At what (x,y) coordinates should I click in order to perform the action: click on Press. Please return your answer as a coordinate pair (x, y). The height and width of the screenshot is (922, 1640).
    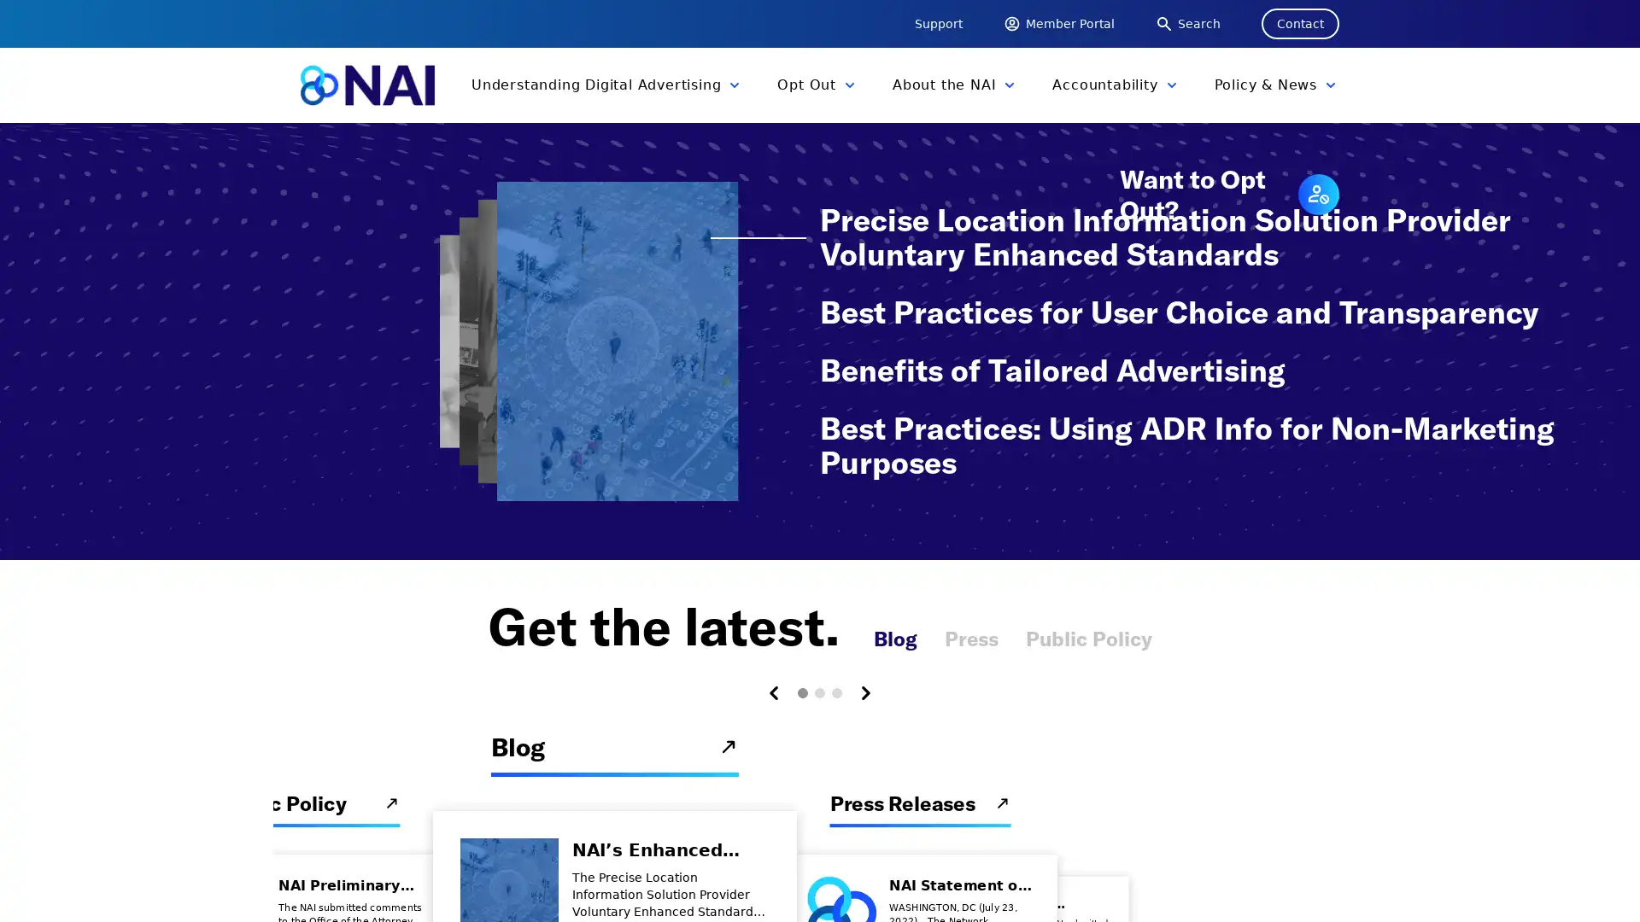
    Looking at the image, I should click on (970, 639).